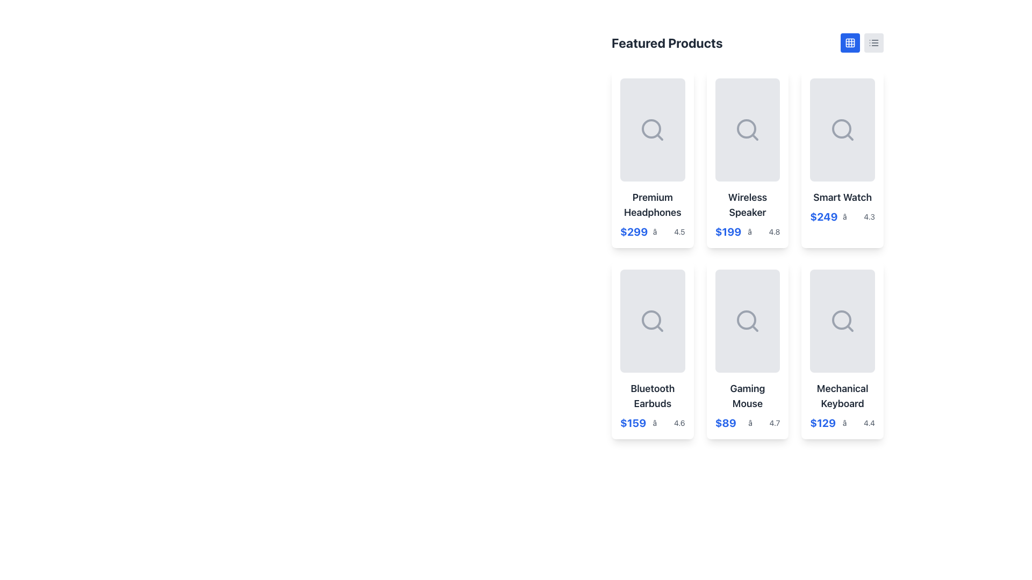 The height and width of the screenshot is (580, 1032). What do you see at coordinates (747, 422) in the screenshot?
I see `text content of the price label displaying '$89' on the left and the rating '4.7' on the right, which is visually grouped with the 'Gaming Mouse' title above` at bounding box center [747, 422].